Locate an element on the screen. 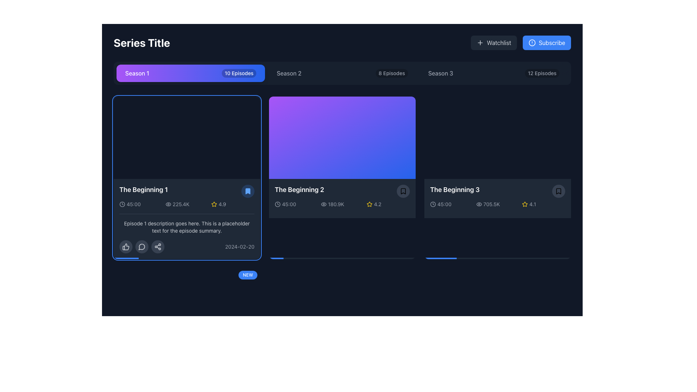  the interactive overview card for the series episode, located in the grid layout under 'Series Title' is located at coordinates (342, 177).